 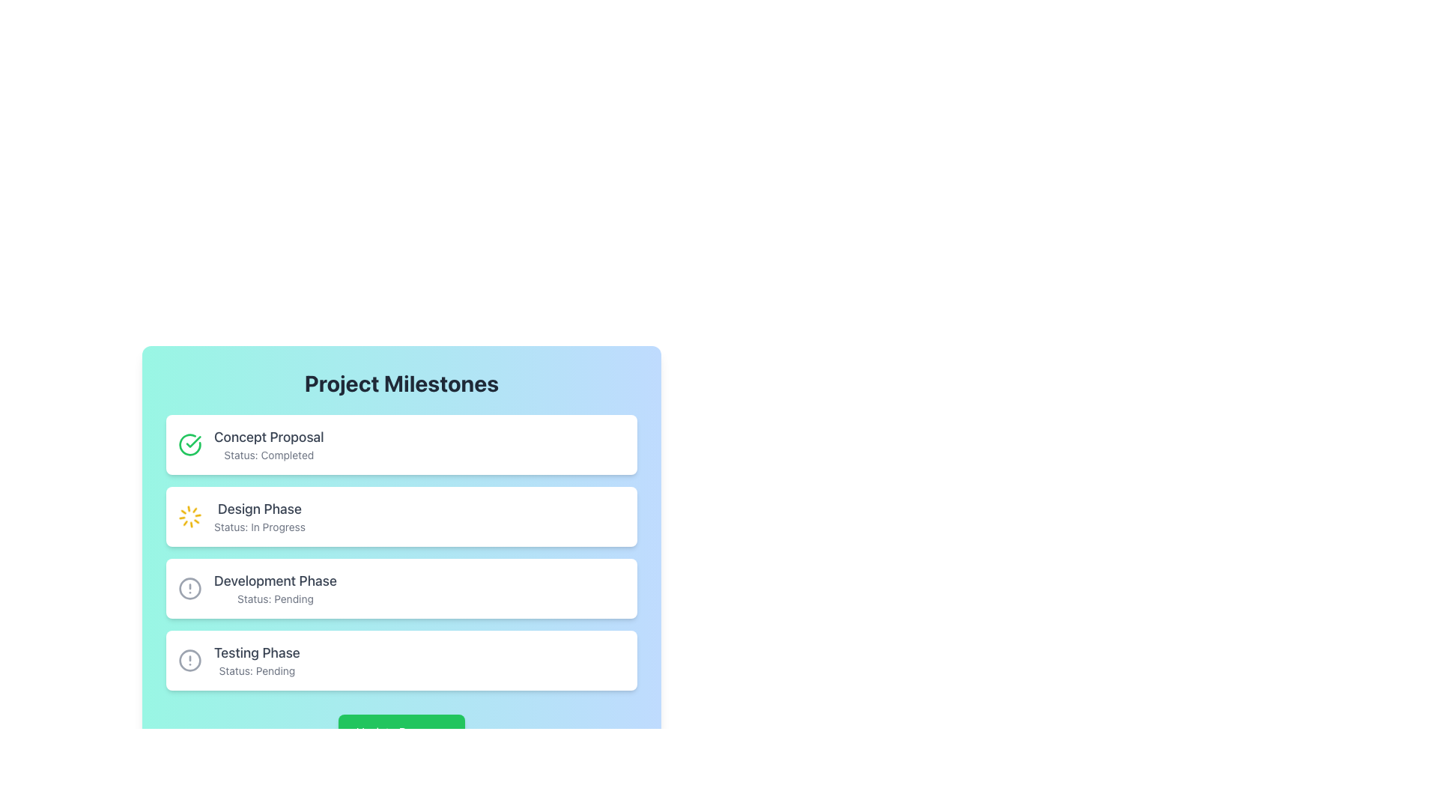 What do you see at coordinates (189, 516) in the screenshot?
I see `the animated SVG icon that serves as a visual indicator for the 'Design Phase Status: In Progress' milestone card` at bounding box center [189, 516].